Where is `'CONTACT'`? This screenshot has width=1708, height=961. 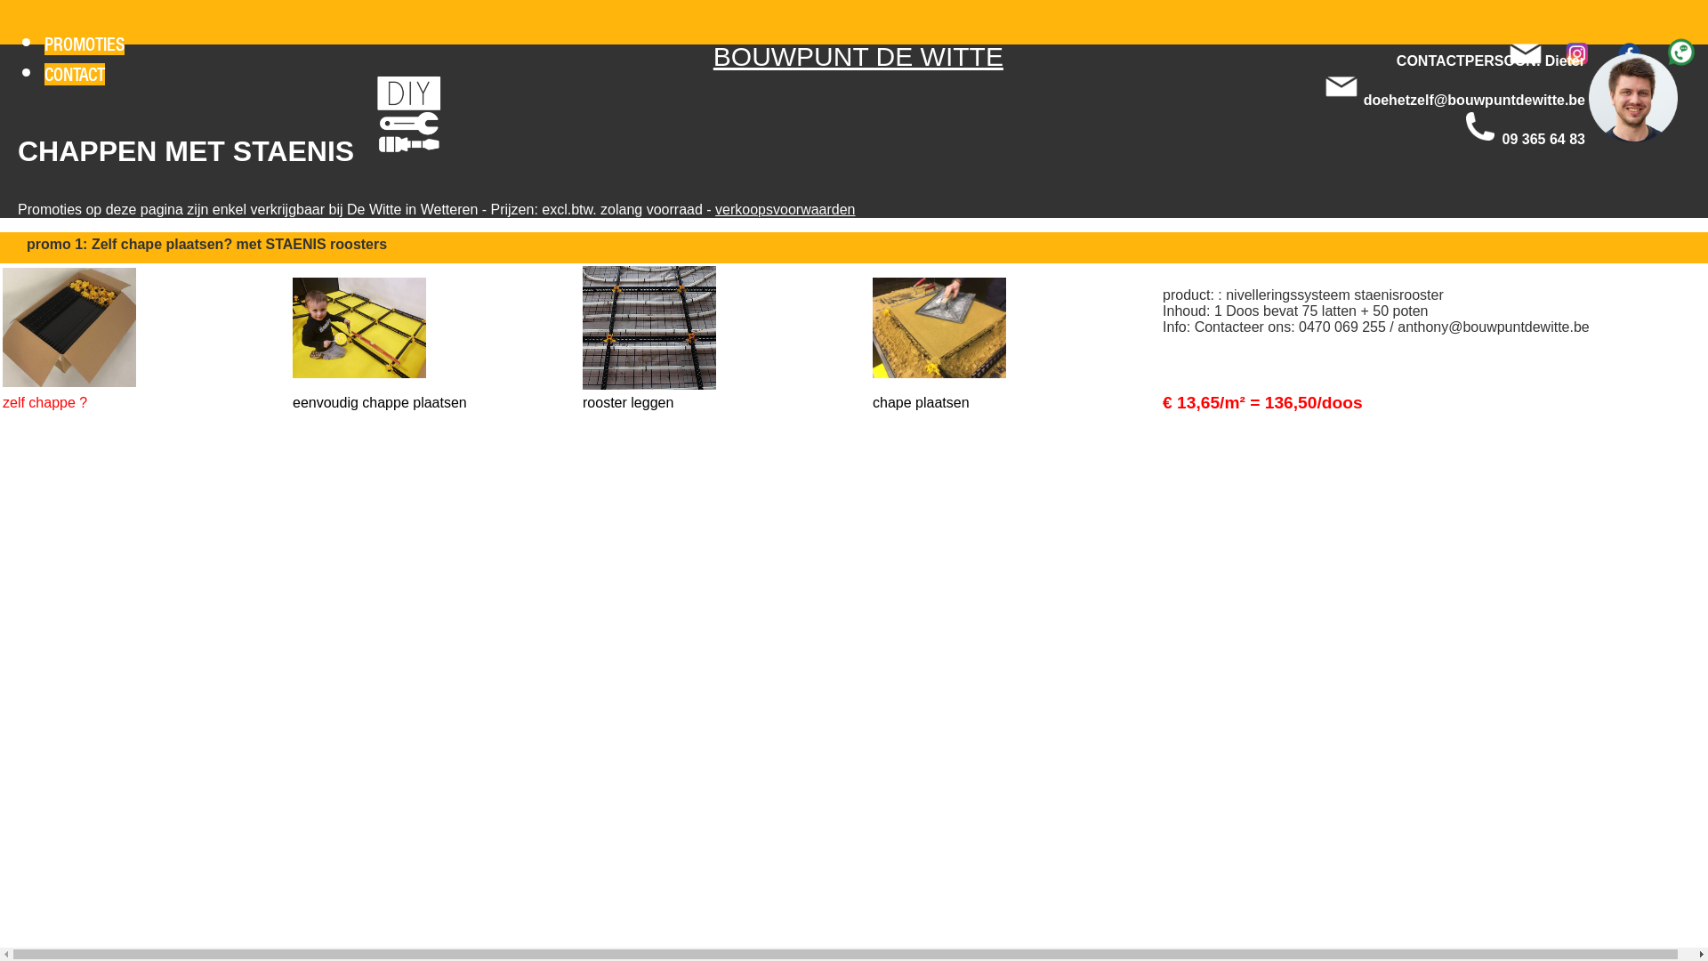 'CONTACT' is located at coordinates (73, 73).